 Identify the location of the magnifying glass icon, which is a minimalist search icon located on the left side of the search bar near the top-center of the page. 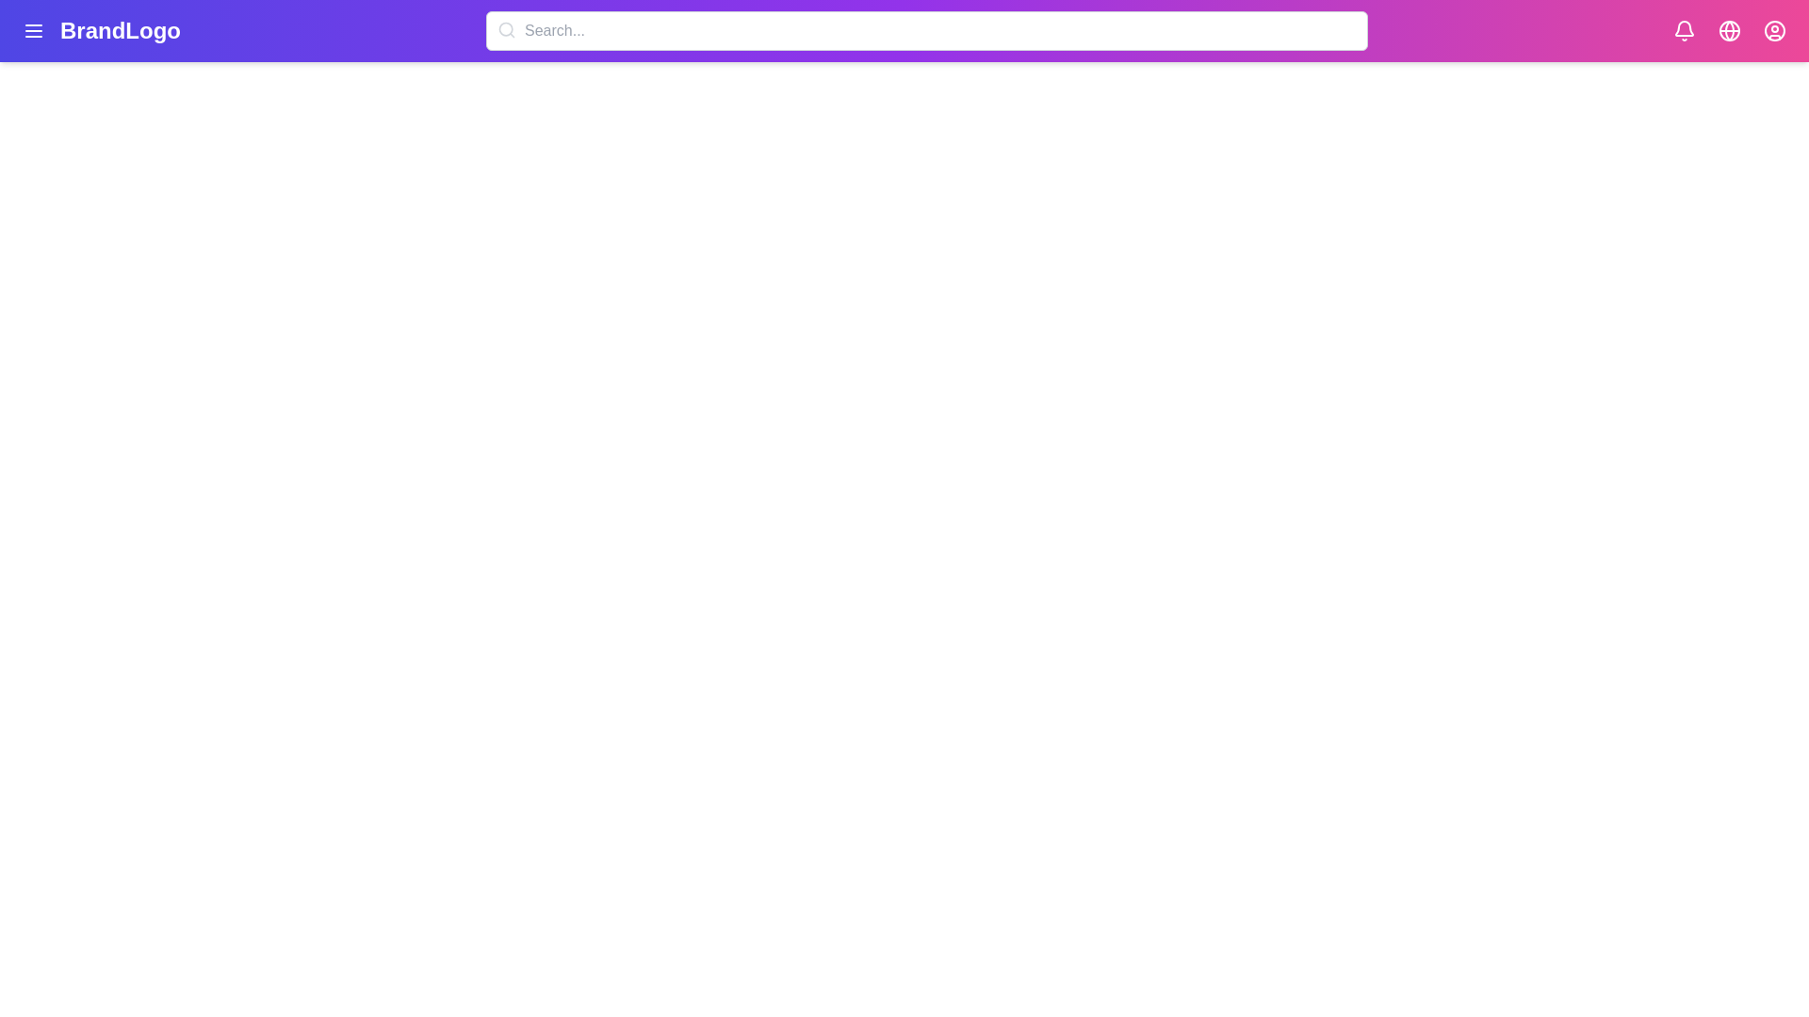
(506, 29).